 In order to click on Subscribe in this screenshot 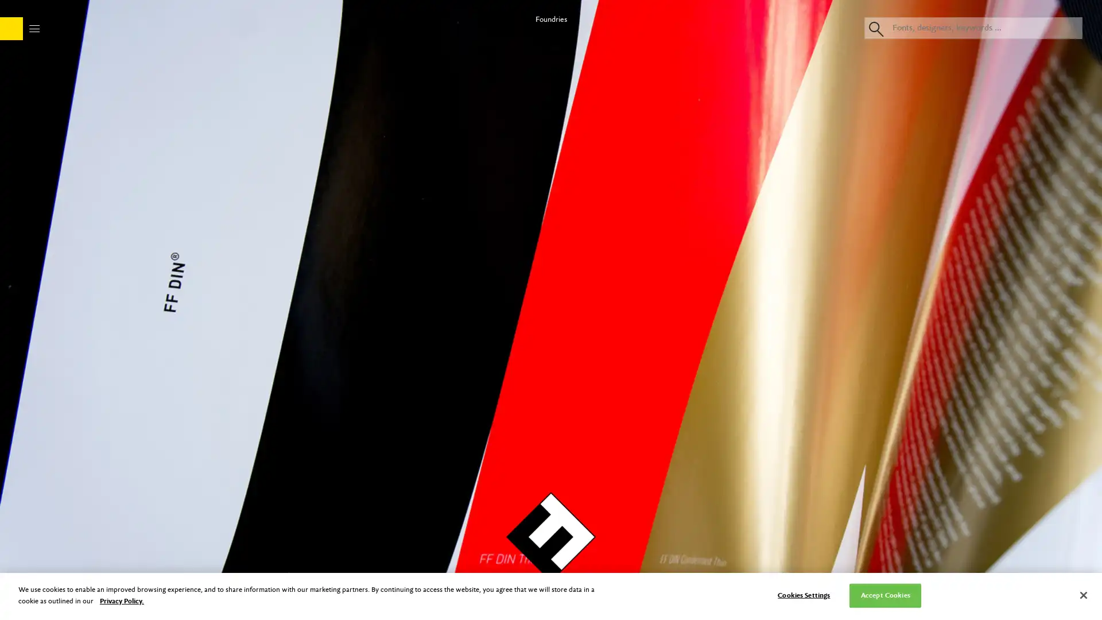, I will do `click(550, 310)`.